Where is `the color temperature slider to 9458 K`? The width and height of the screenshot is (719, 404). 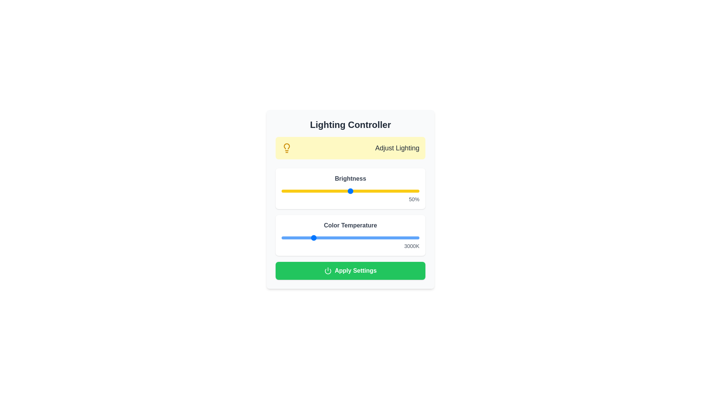
the color temperature slider to 9458 K is located at coordinates (410, 238).